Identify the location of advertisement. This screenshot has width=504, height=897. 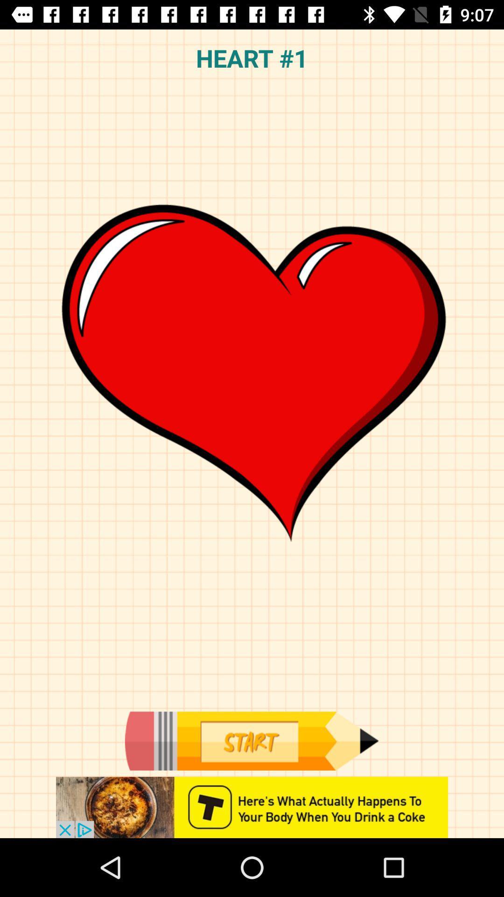
(252, 807).